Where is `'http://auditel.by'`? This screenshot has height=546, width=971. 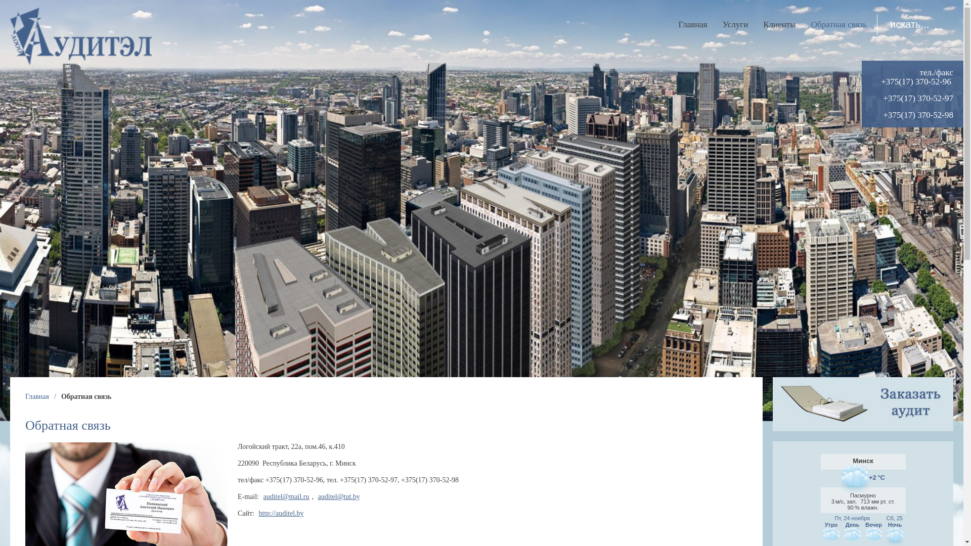
'http://auditel.by' is located at coordinates (281, 513).